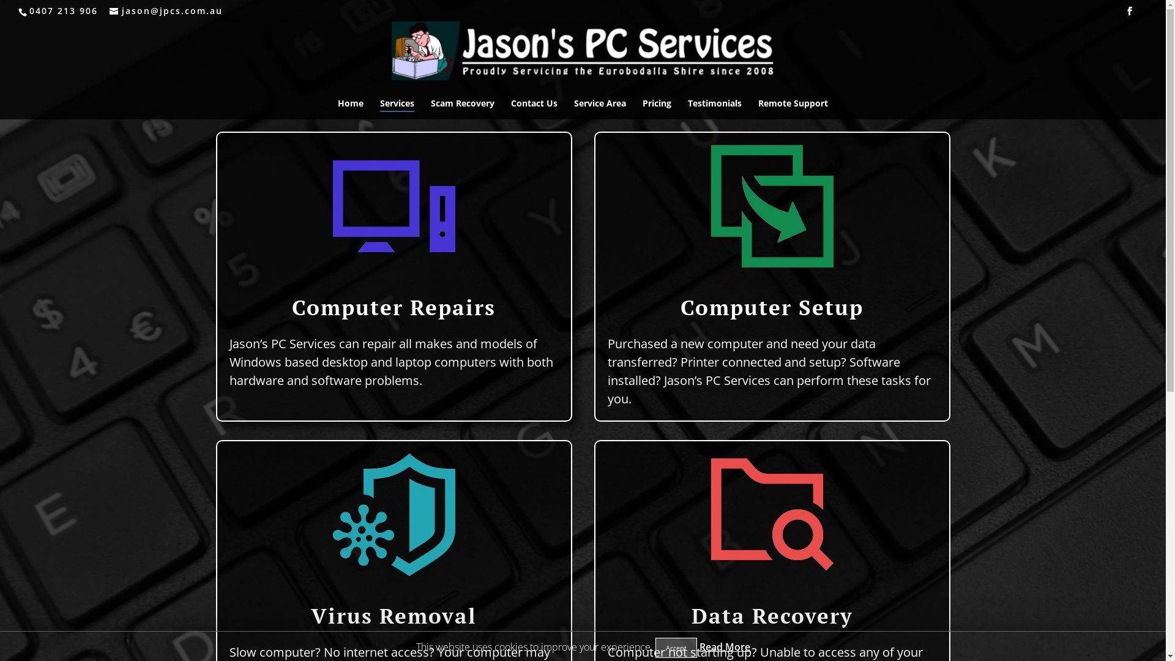 The image size is (1175, 661). I want to click on 'Testimonials', so click(687, 108).